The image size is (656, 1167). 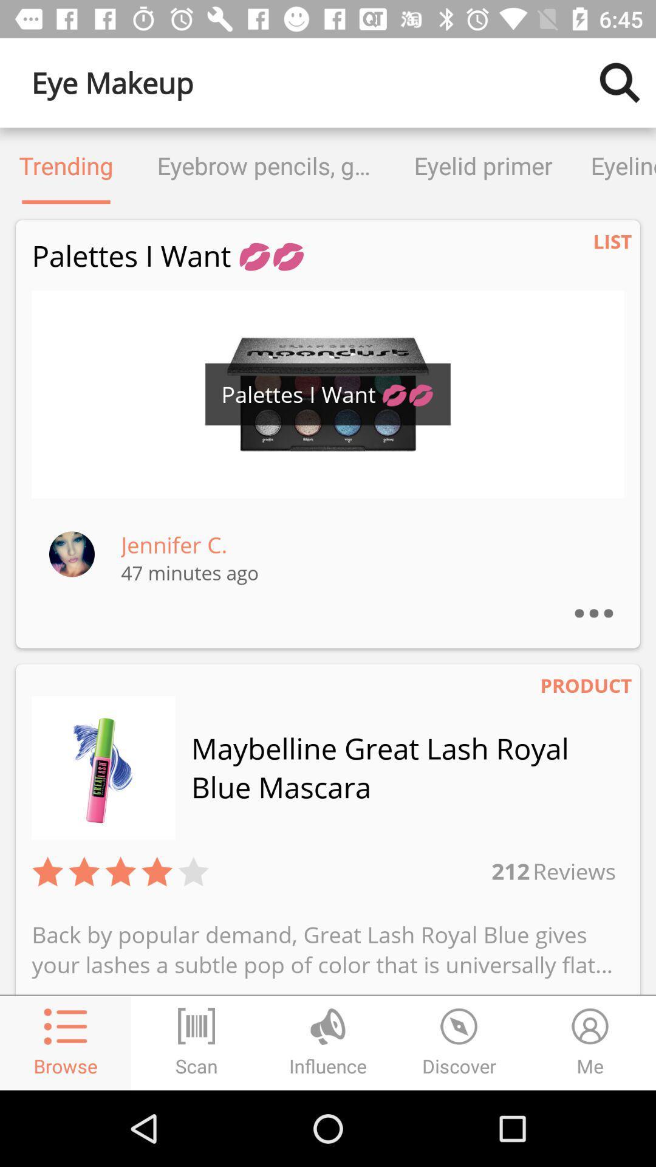 What do you see at coordinates (66, 165) in the screenshot?
I see `the trending icon` at bounding box center [66, 165].